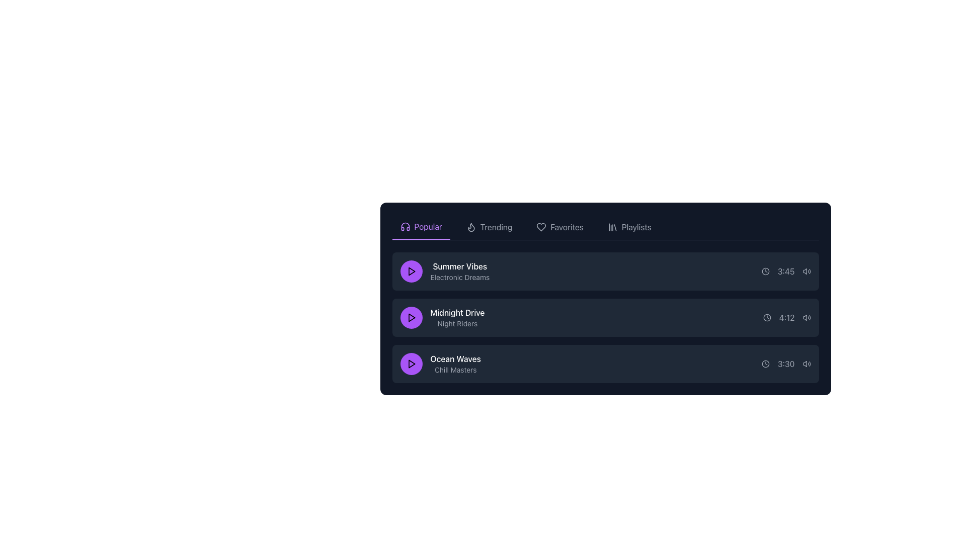  What do you see at coordinates (421, 227) in the screenshot?
I see `the 'Popular' tab, which is the leftmost option in the horizontal navigation menu, displaying the text in purple with a headphones icon, indicating it is the selected state` at bounding box center [421, 227].